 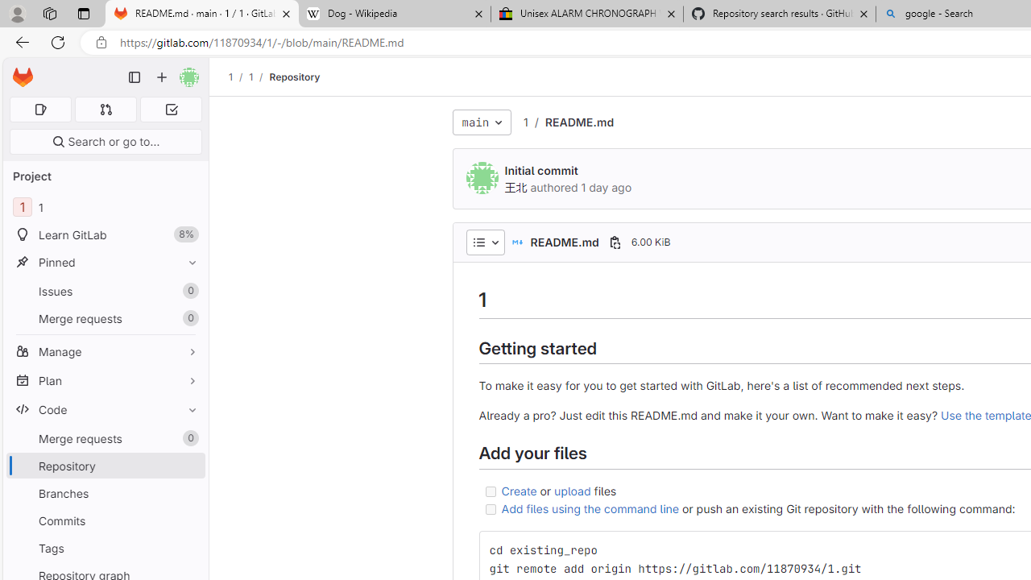 I want to click on 'Repository', so click(x=295, y=77).